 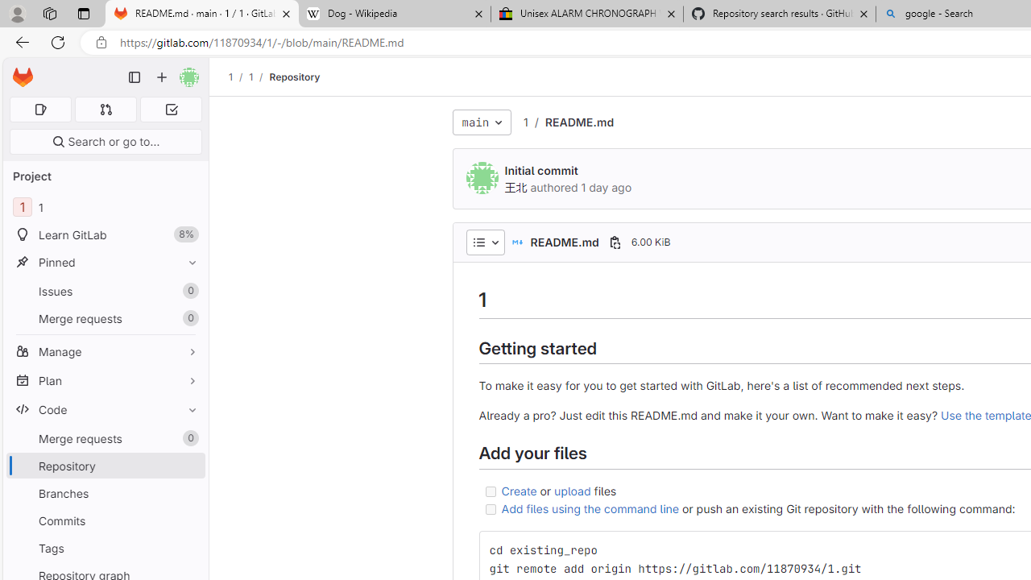 I want to click on 'Repository', so click(x=295, y=77).